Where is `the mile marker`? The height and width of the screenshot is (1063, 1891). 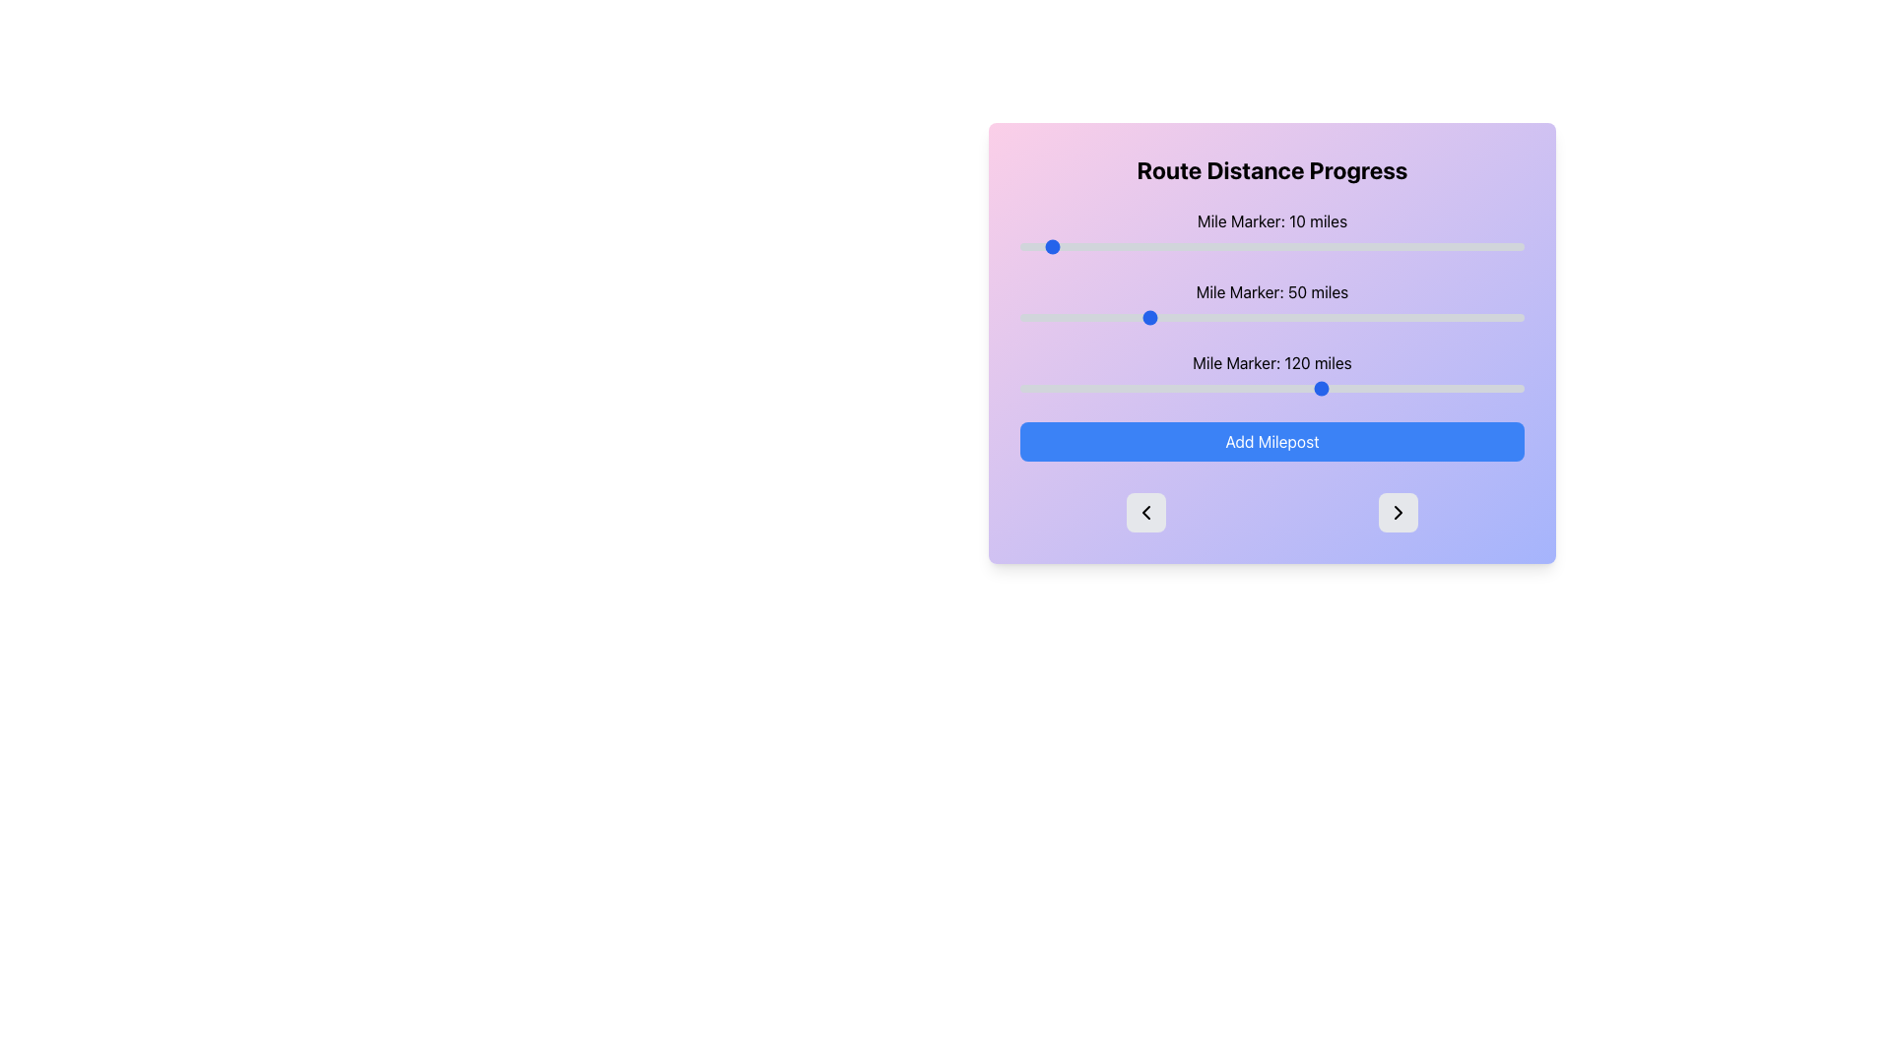
the mile marker is located at coordinates (1057, 317).